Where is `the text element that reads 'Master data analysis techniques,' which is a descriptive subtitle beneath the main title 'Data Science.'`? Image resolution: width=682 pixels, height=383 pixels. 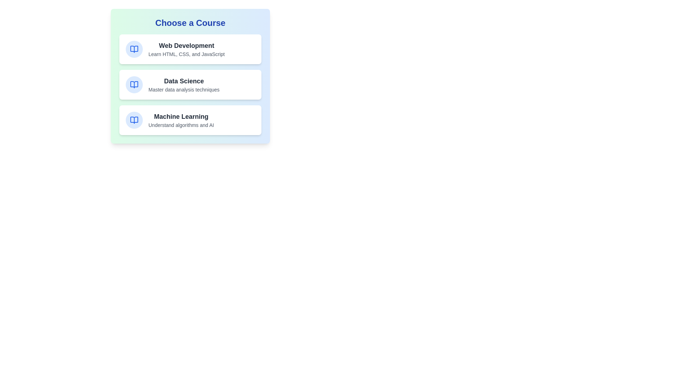
the text element that reads 'Master data analysis techniques,' which is a descriptive subtitle beneath the main title 'Data Science.' is located at coordinates (184, 89).